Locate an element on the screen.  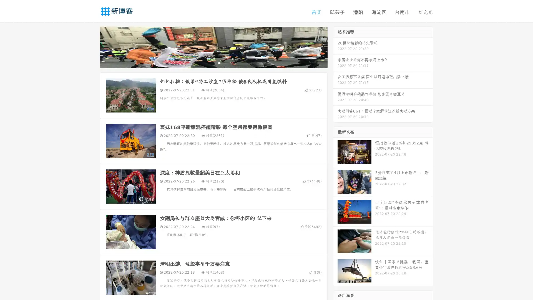
Next slide is located at coordinates (335, 47).